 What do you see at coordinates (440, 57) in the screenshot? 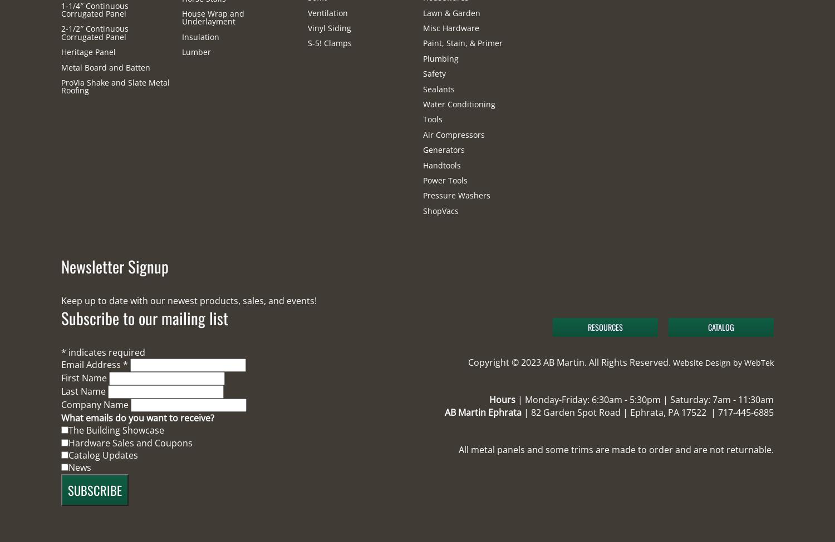
I see `'Plumbing'` at bounding box center [440, 57].